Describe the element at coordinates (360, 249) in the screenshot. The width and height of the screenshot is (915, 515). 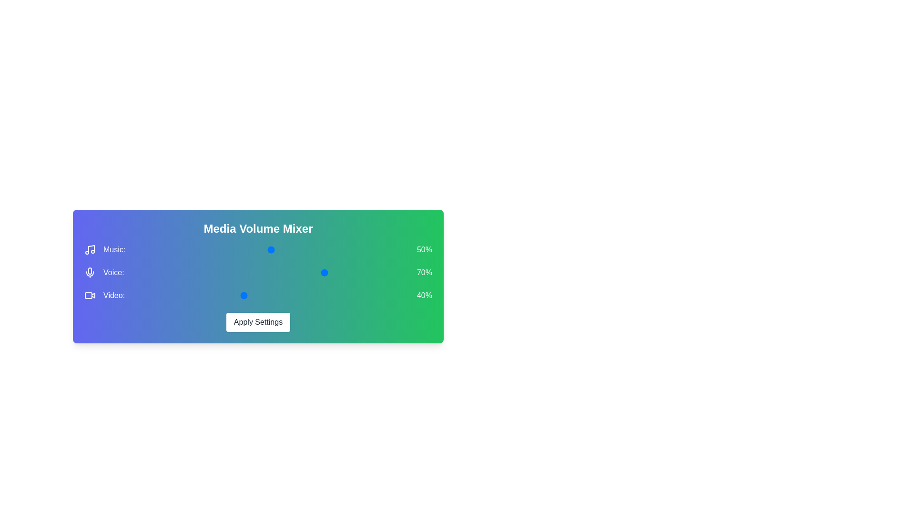
I see `the 0 volume to 65% by moving the corresponding slider` at that location.